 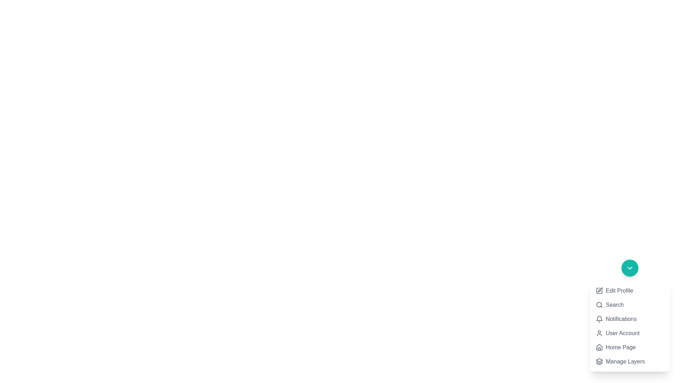 I want to click on the navigation button located in the middle of the vertical menu, which is the fifth item, to redirect to the home page, so click(x=615, y=347).